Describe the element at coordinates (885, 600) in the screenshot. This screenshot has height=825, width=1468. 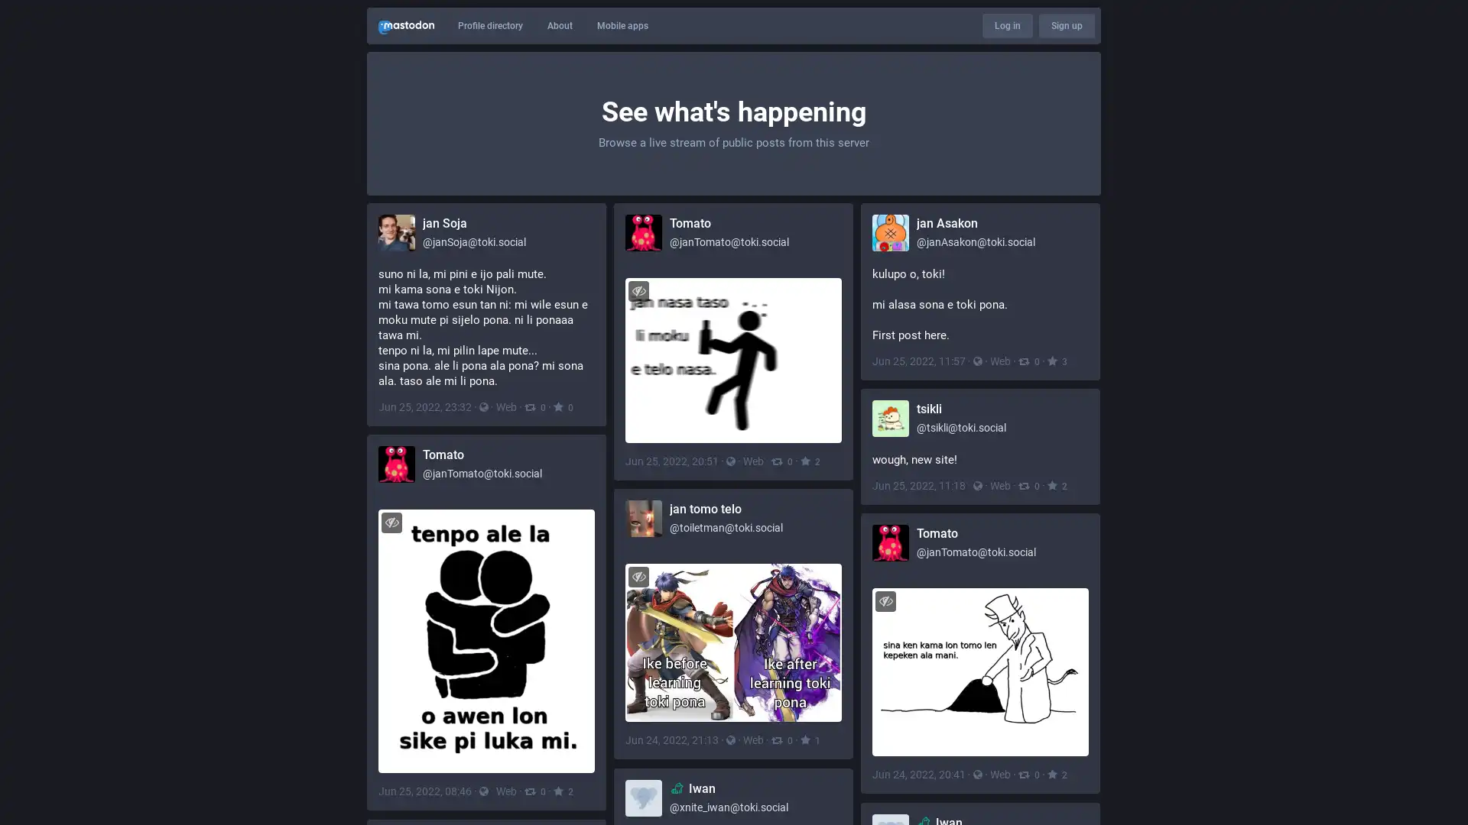
I see `Hide image` at that location.